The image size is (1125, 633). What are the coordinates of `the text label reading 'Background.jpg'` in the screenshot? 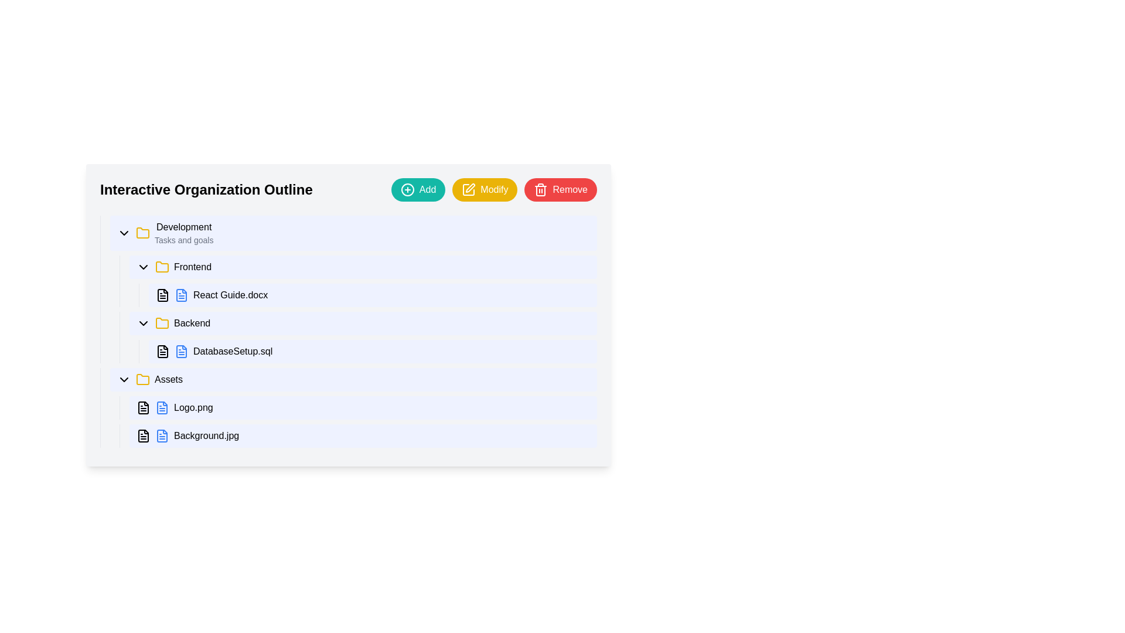 It's located at (206, 436).